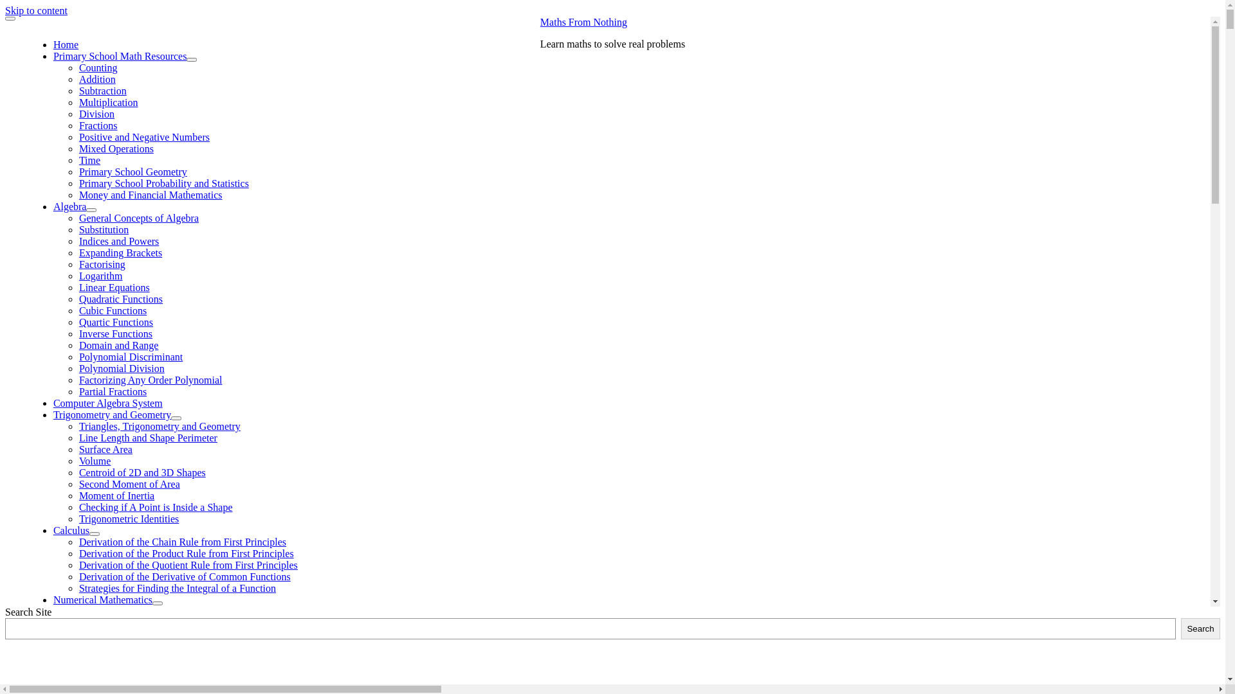 This screenshot has height=694, width=1235. I want to click on 'Second Moment of Area', so click(129, 484).